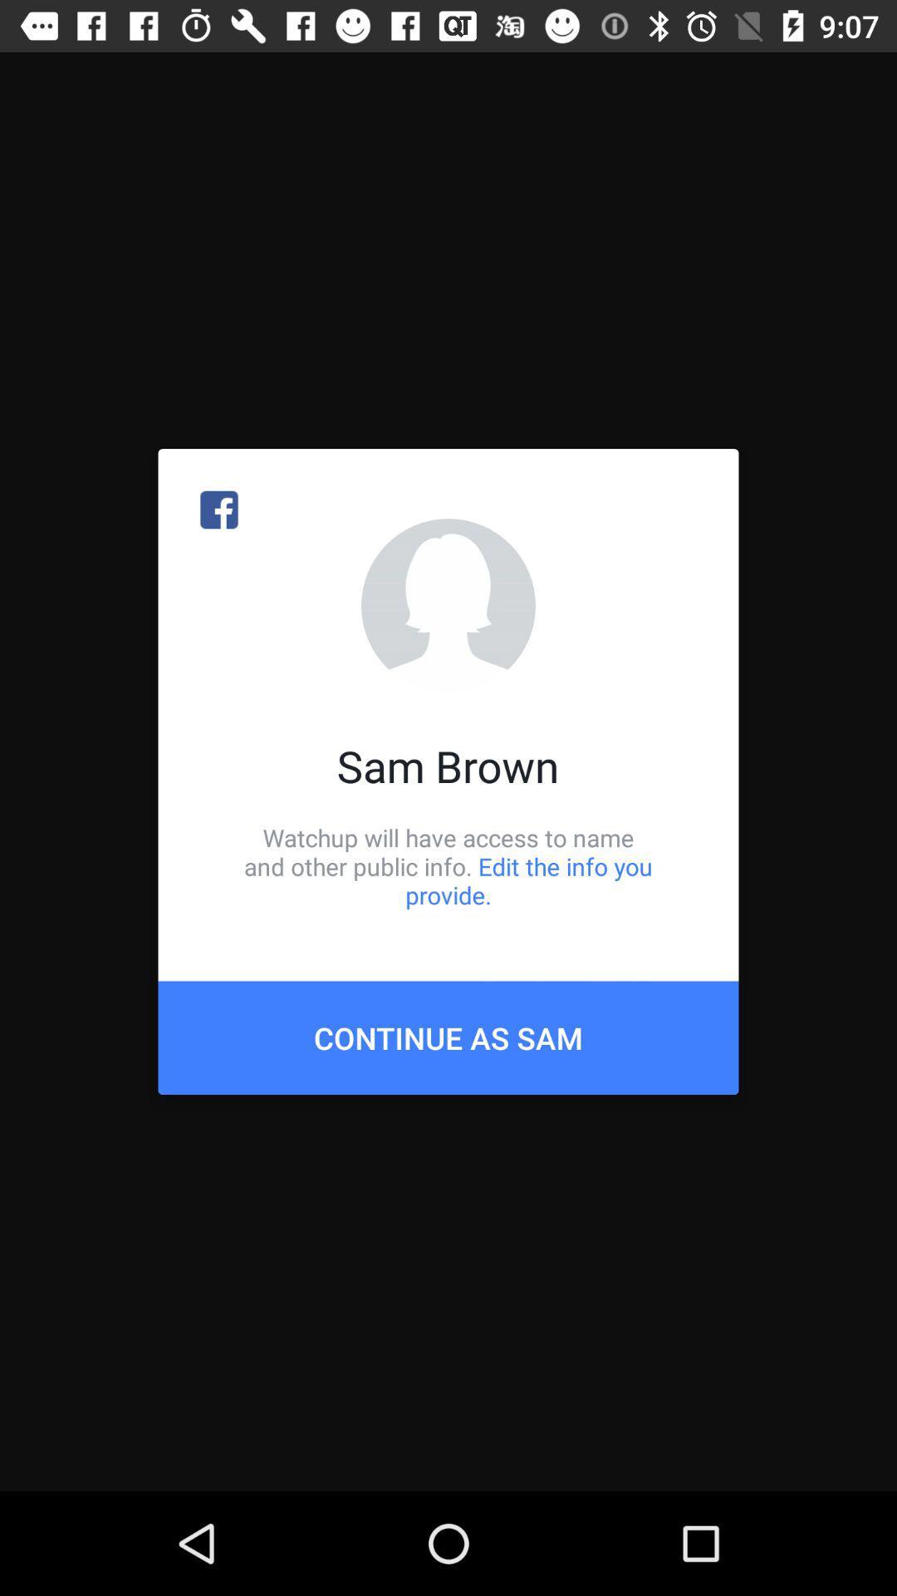 This screenshot has height=1596, width=897. What do you see at coordinates (448, 865) in the screenshot?
I see `the icon above the continue as sam item` at bounding box center [448, 865].